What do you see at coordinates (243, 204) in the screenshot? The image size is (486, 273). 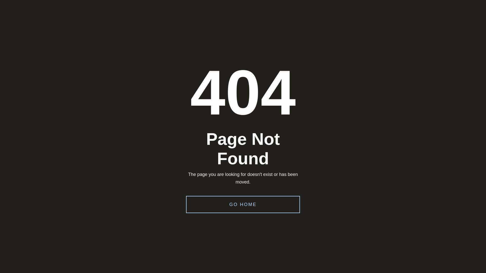 I see `'GO HOME'` at bounding box center [243, 204].